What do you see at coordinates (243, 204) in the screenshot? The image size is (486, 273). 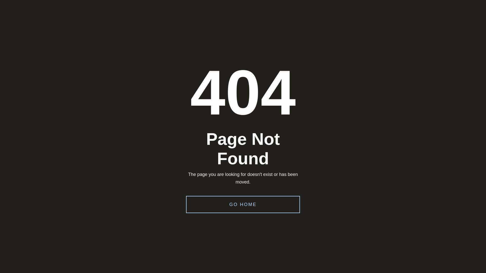 I see `'GO HOME'` at bounding box center [243, 204].